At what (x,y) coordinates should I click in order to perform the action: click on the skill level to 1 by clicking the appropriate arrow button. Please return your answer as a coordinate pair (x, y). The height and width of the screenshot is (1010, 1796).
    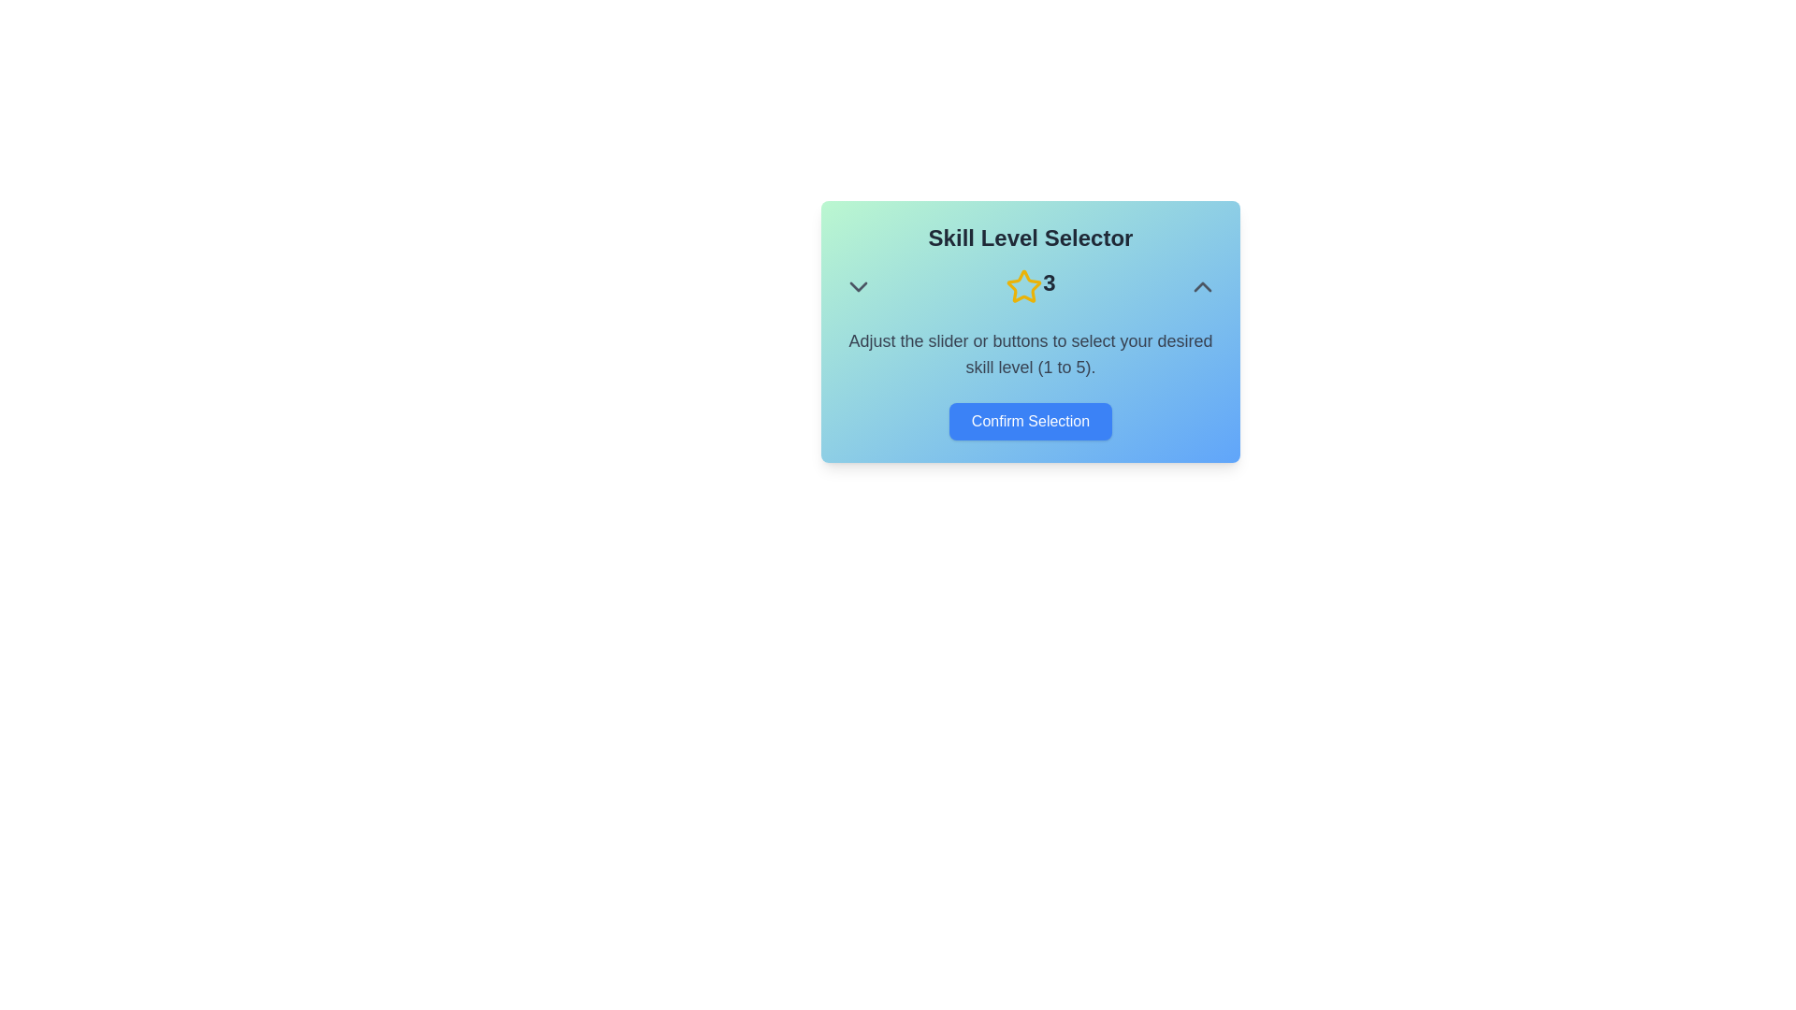
    Looking at the image, I should click on (857, 287).